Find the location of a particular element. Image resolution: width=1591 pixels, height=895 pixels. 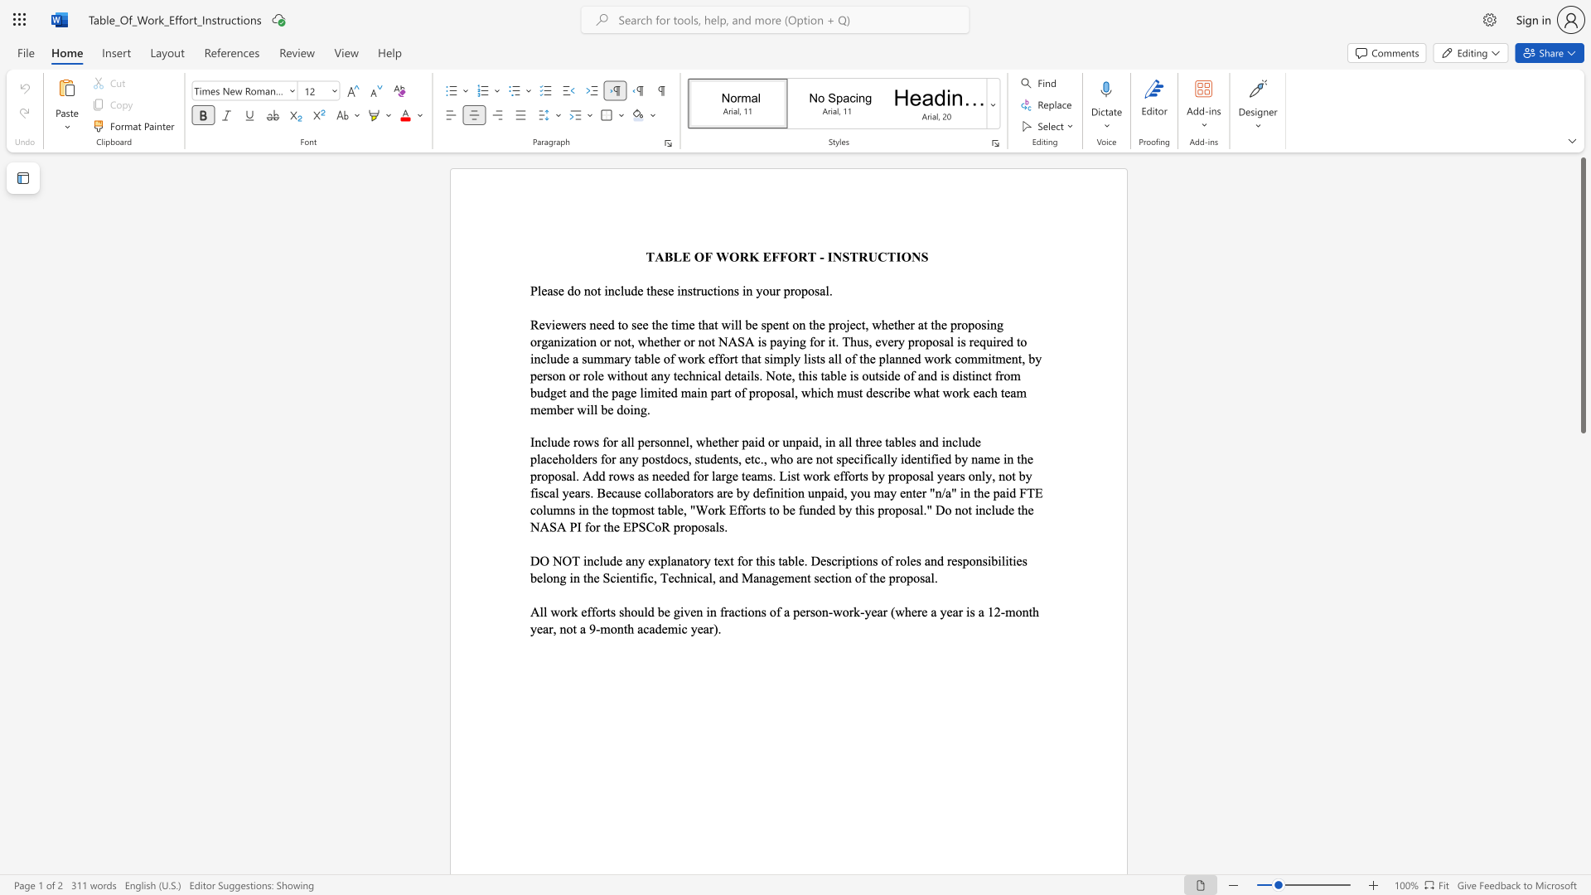

the scrollbar on the right is located at coordinates (1582, 513).